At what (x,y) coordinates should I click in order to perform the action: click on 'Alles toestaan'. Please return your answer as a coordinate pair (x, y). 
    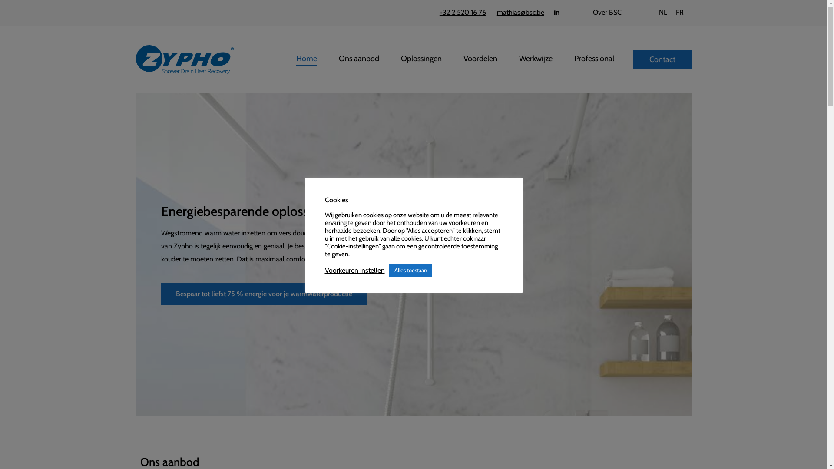
    Looking at the image, I should click on (410, 270).